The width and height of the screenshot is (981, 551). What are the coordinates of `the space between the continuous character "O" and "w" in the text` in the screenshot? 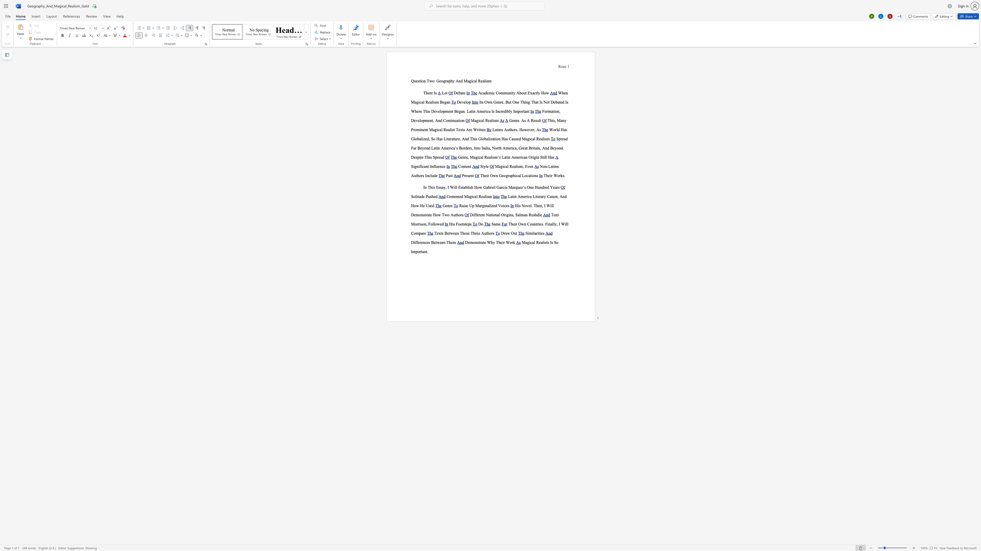 It's located at (492, 175).